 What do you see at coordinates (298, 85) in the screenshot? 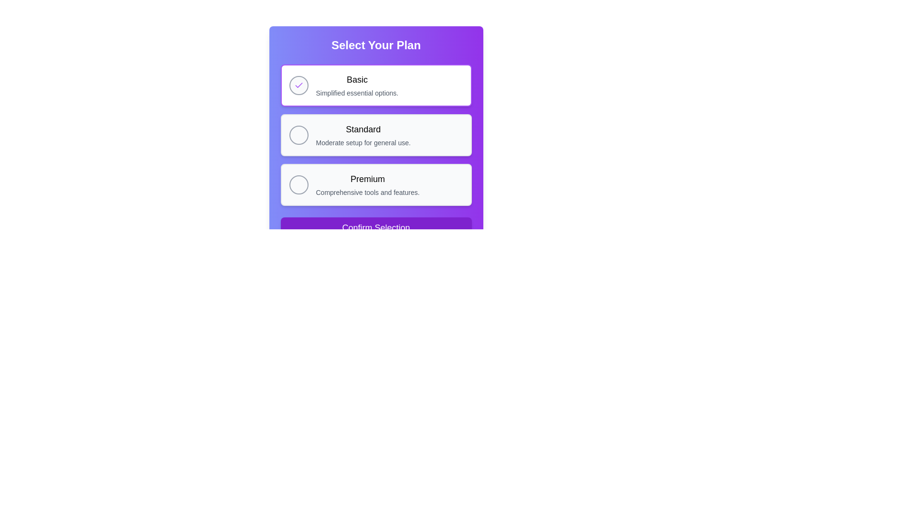
I see `the purple checkmark icon within the circular gray background` at bounding box center [298, 85].